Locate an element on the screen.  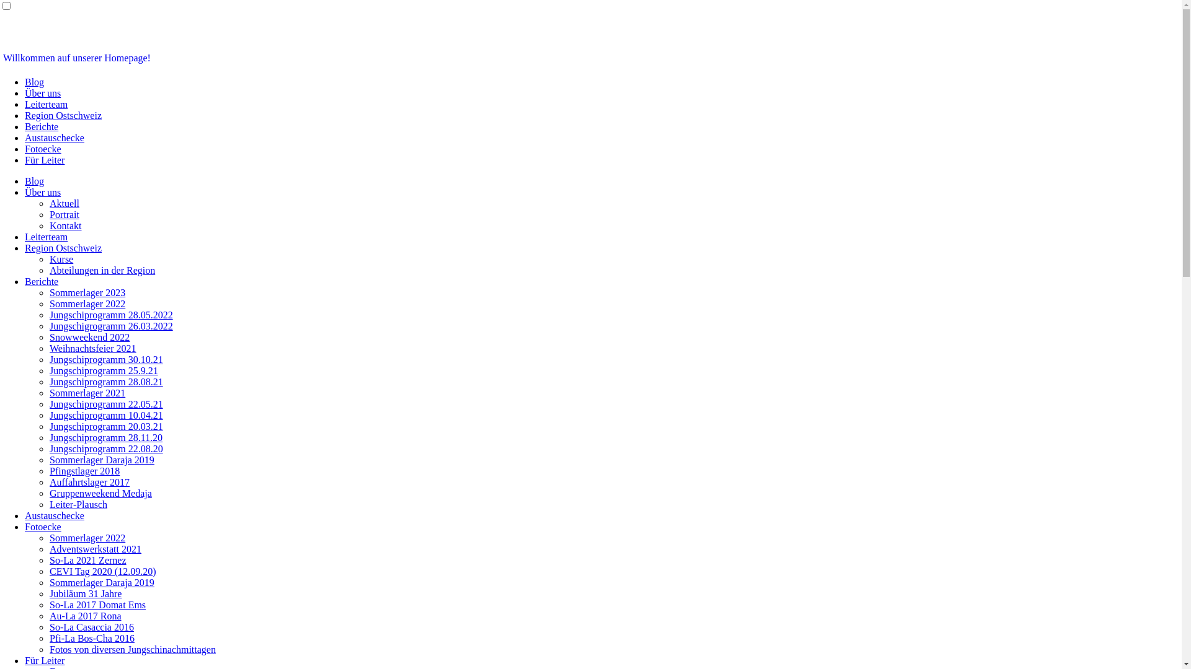
'Jungschiprogramm 22.05.21' is located at coordinates (50, 404).